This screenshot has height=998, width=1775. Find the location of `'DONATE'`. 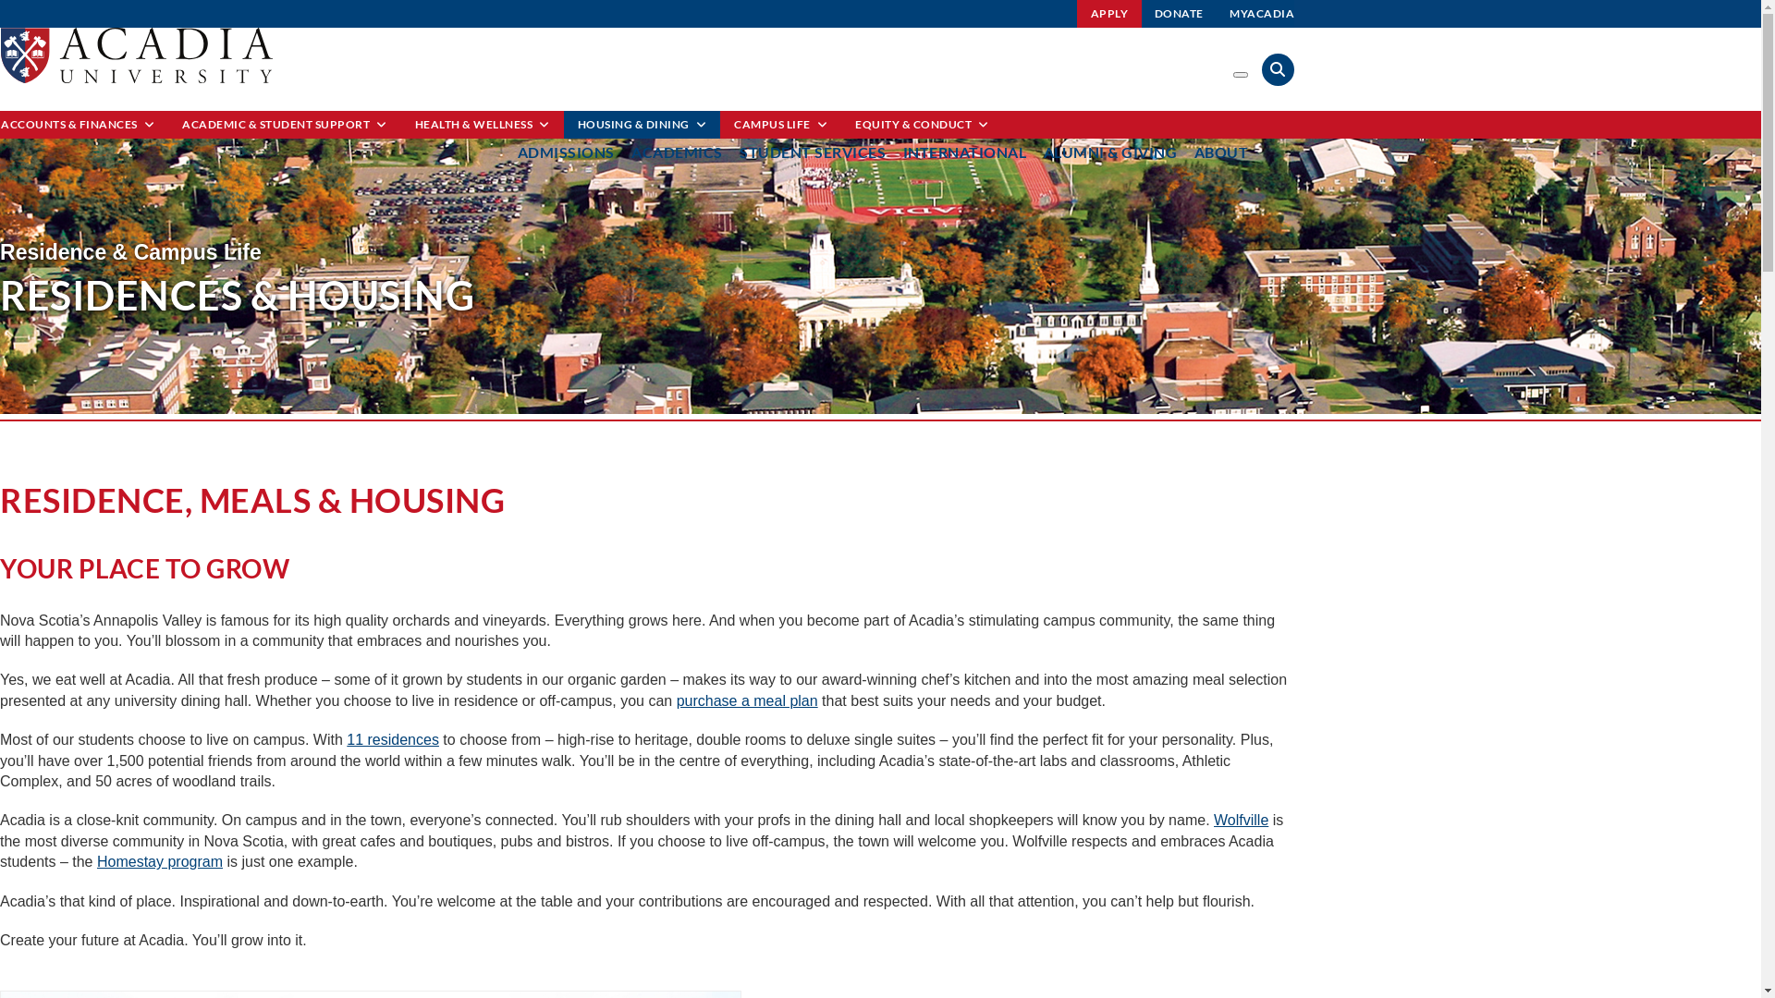

'DONATE' is located at coordinates (1178, 14).